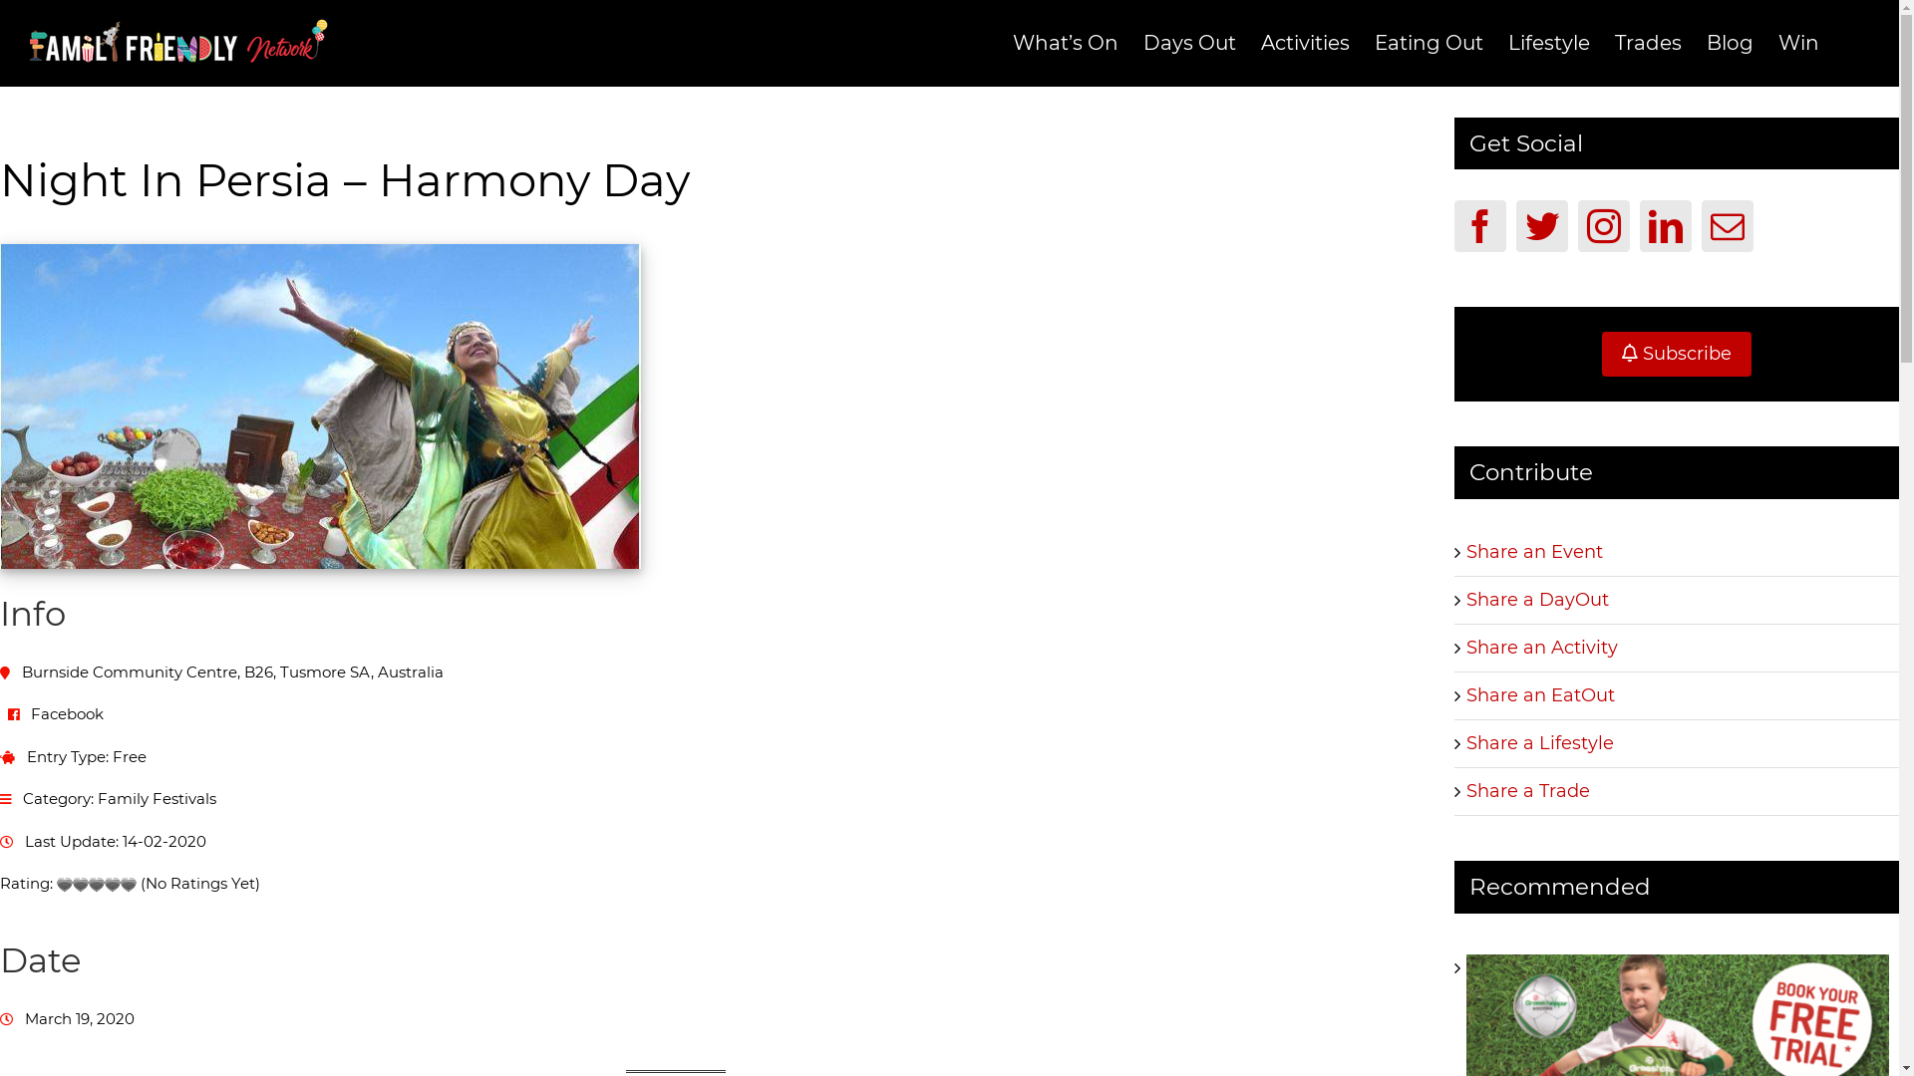 This screenshot has width=1914, height=1076. I want to click on 'Days Out', so click(1189, 43).